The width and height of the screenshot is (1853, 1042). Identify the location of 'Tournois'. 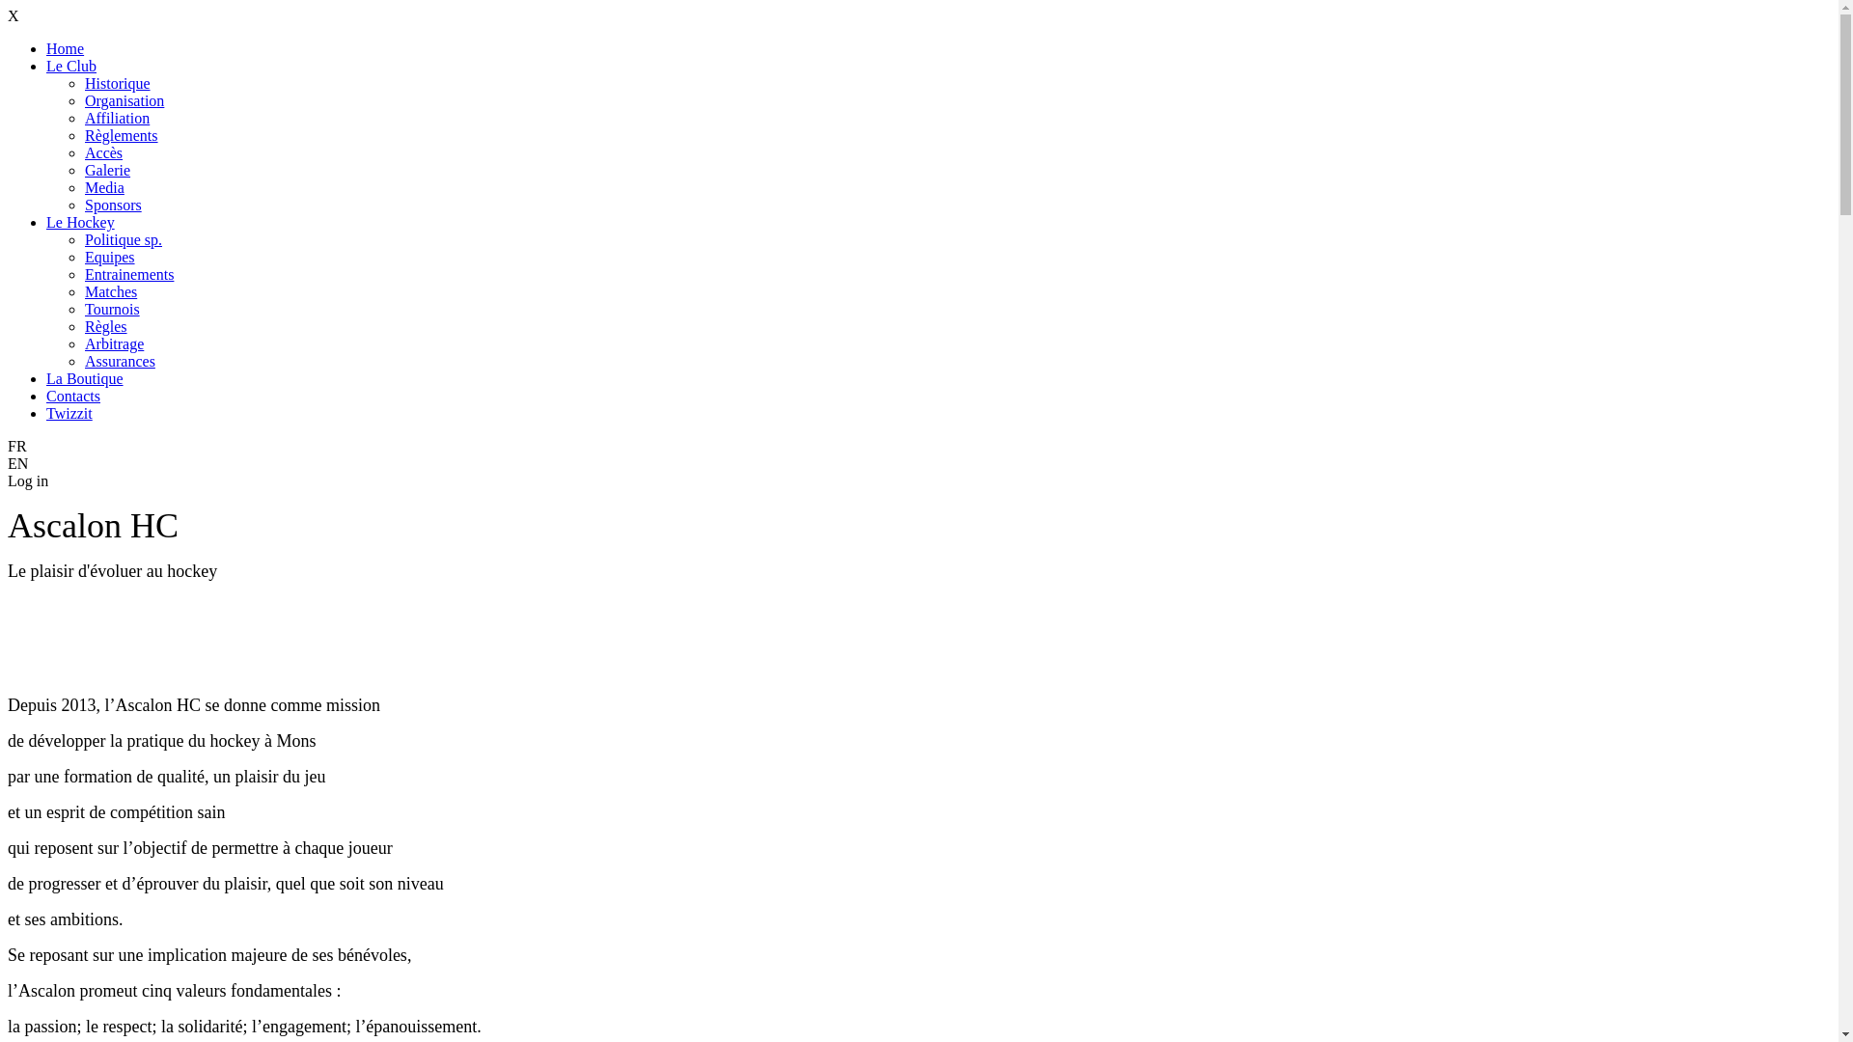
(83, 308).